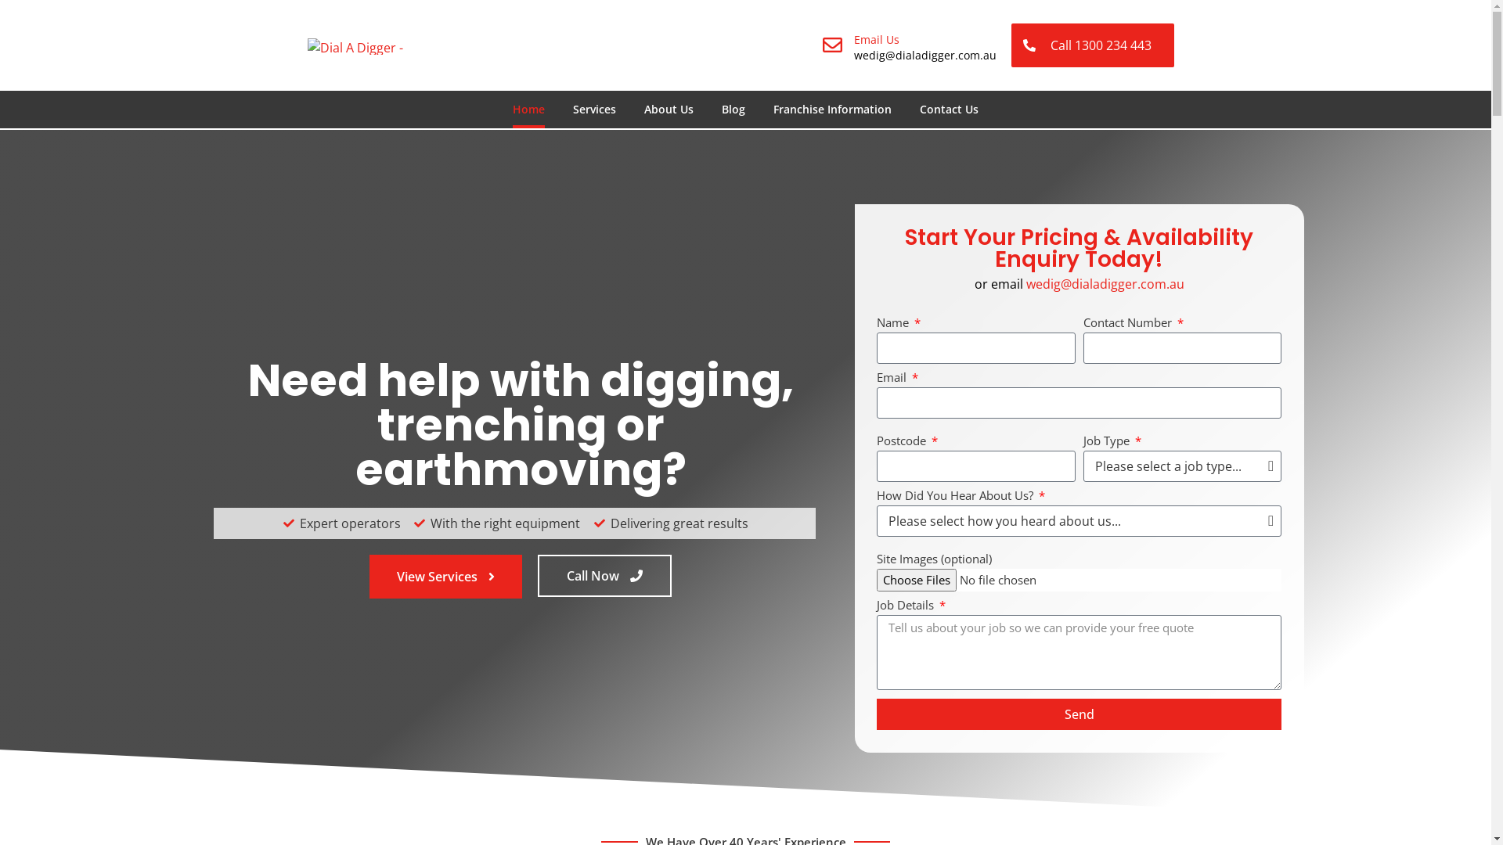 Image resolution: width=1503 pixels, height=845 pixels. What do you see at coordinates (875, 38) in the screenshot?
I see `'Email Us'` at bounding box center [875, 38].